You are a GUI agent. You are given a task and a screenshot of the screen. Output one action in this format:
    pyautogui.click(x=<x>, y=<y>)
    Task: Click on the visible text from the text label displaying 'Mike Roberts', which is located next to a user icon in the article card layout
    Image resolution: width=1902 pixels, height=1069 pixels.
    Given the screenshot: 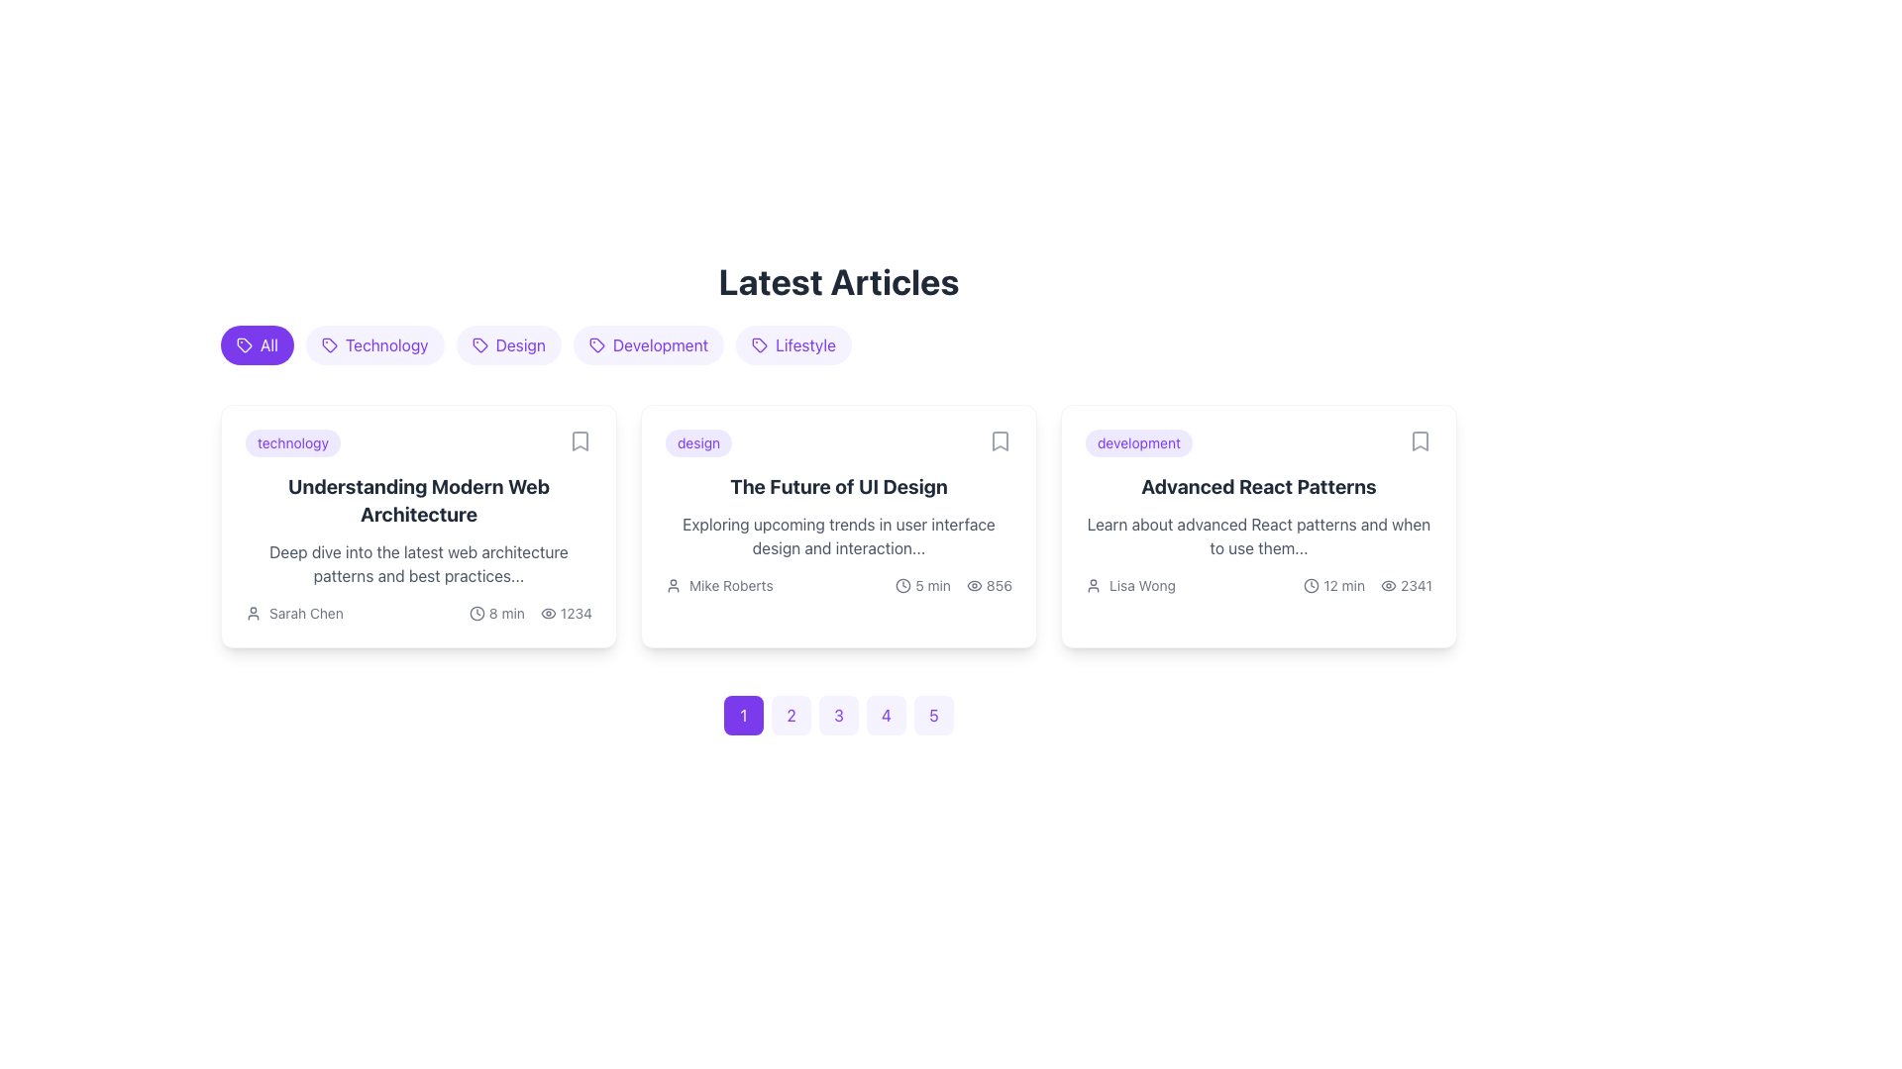 What is the action you would take?
    pyautogui.click(x=730, y=584)
    